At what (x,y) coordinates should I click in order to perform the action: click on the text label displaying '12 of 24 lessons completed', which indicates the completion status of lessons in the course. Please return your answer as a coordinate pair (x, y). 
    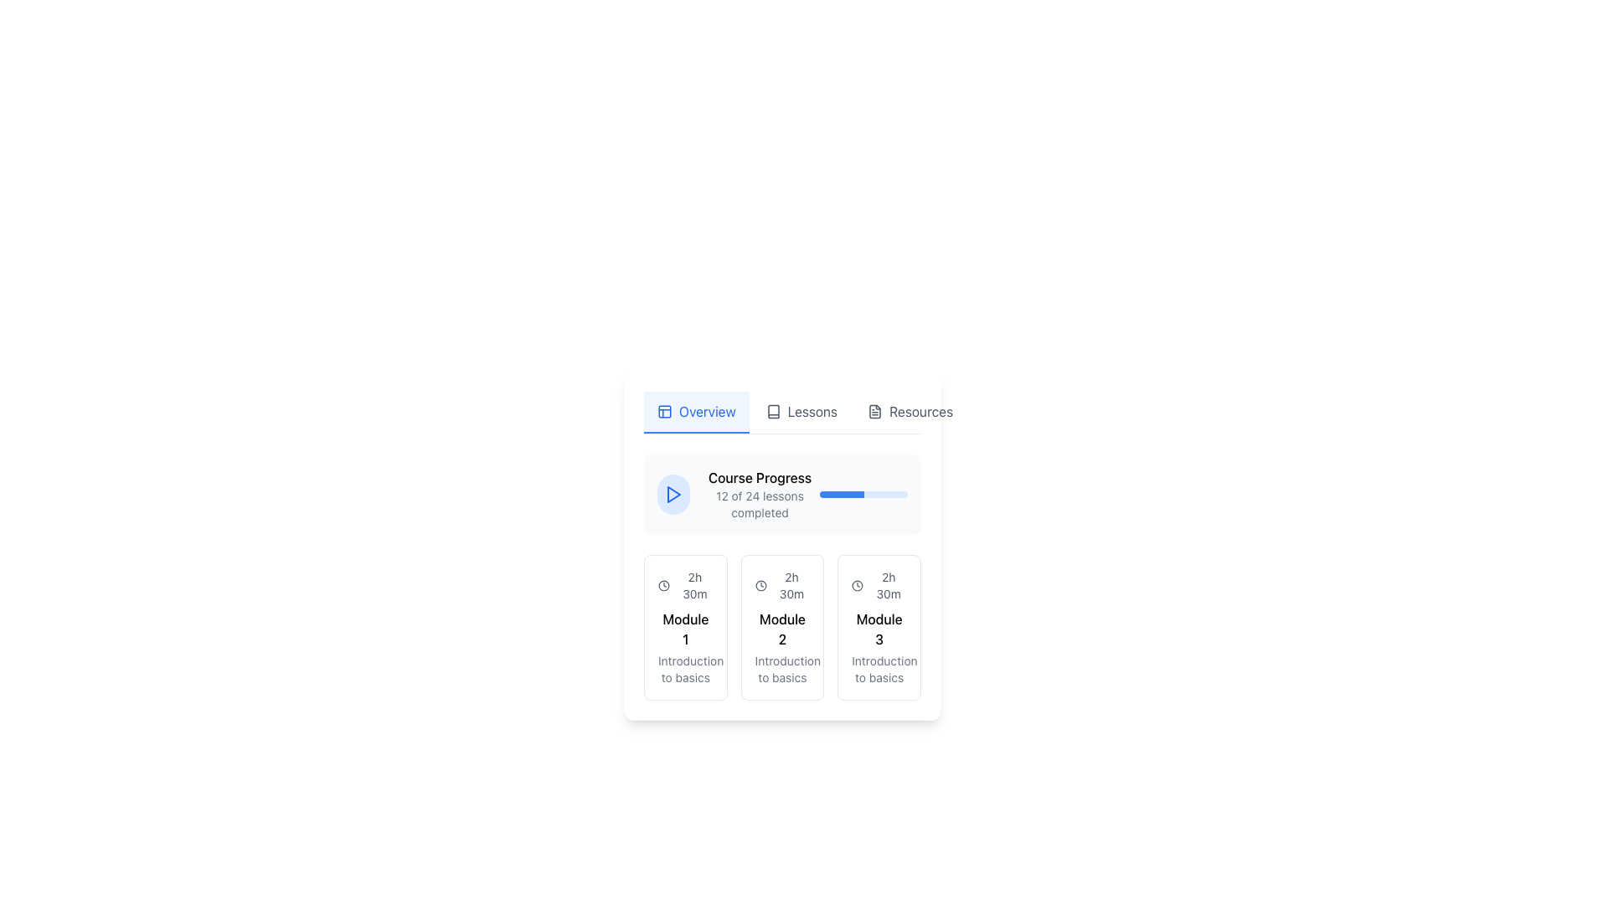
    Looking at the image, I should click on (759, 503).